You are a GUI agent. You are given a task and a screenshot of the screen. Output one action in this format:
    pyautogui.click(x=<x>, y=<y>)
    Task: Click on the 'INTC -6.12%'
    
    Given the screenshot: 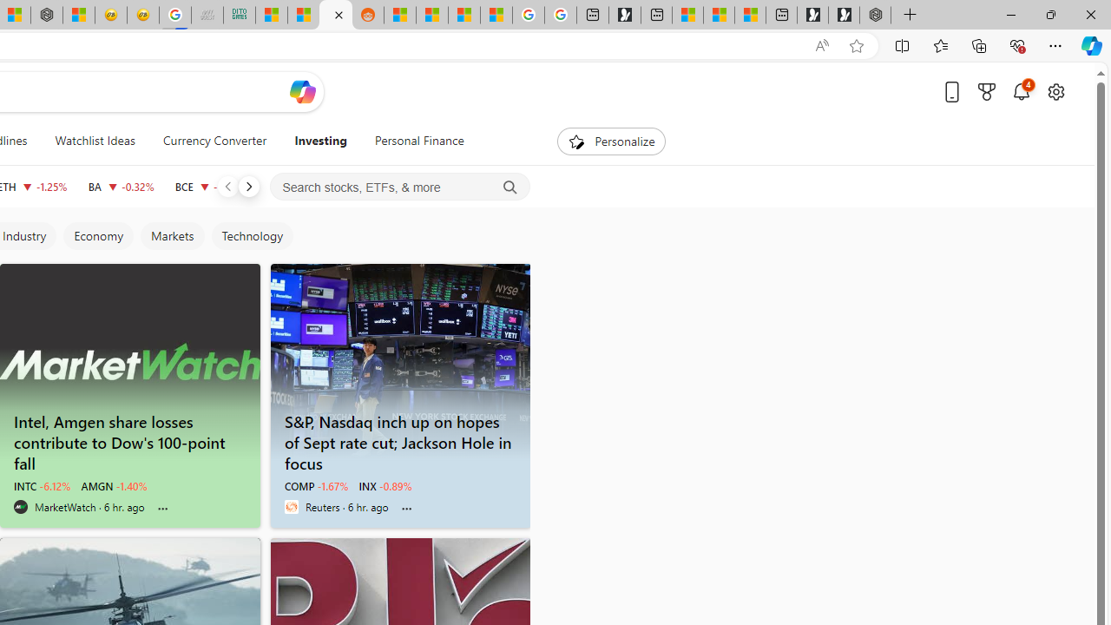 What is the action you would take?
    pyautogui.click(x=42, y=486)
    